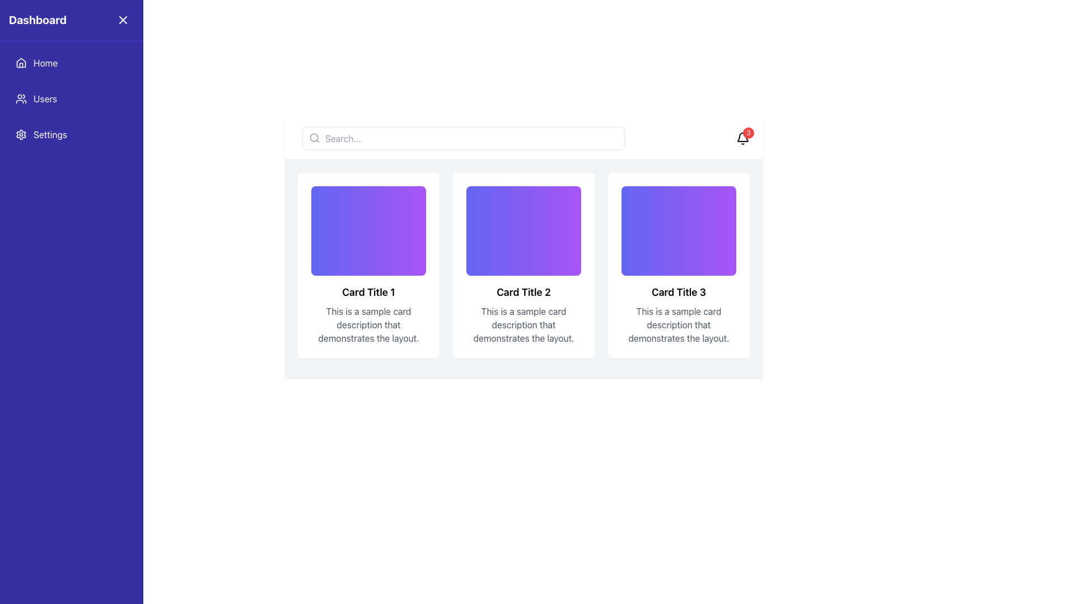  What do you see at coordinates (45, 63) in the screenshot?
I see `the 'Home' text label located in the vertical navigation sidebar` at bounding box center [45, 63].